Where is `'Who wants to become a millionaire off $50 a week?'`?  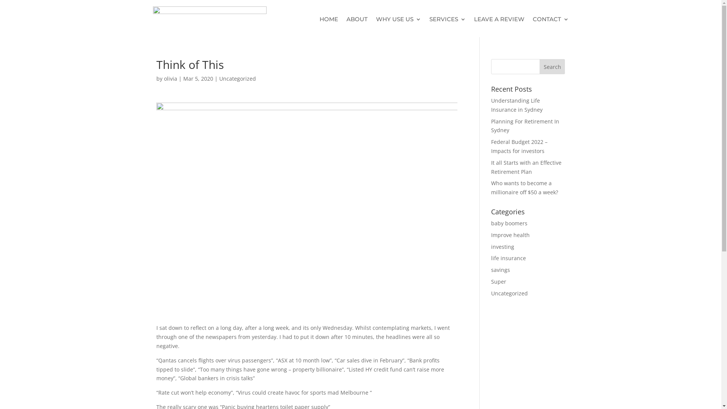
'Who wants to become a millionaire off $50 a week?' is located at coordinates (524, 187).